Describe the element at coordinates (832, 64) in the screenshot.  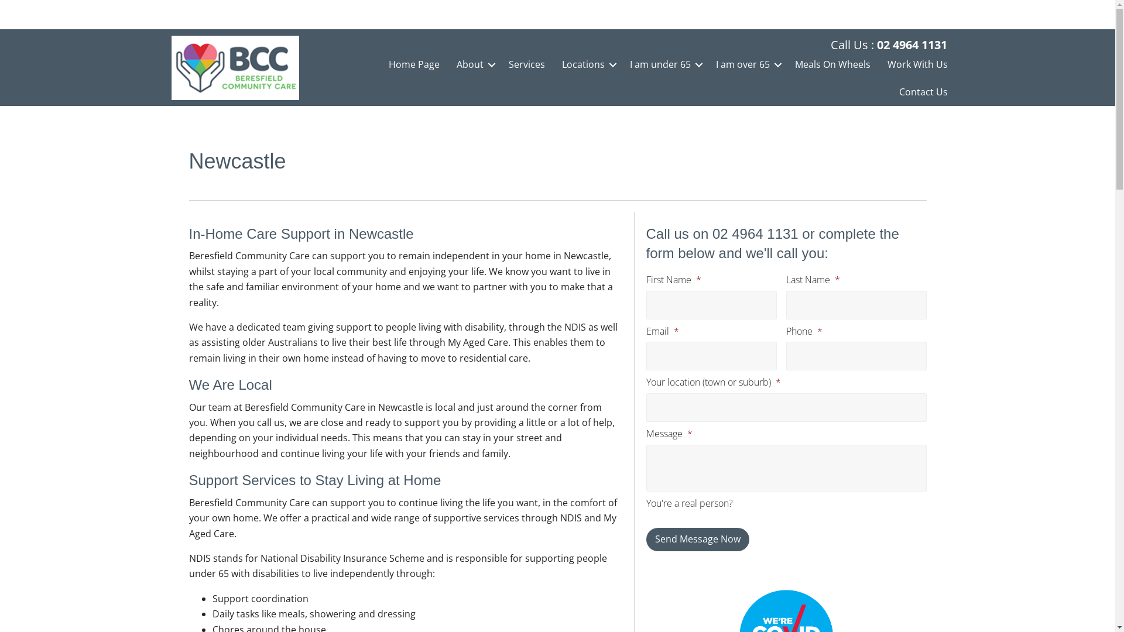
I see `'Meals On Wheels'` at that location.